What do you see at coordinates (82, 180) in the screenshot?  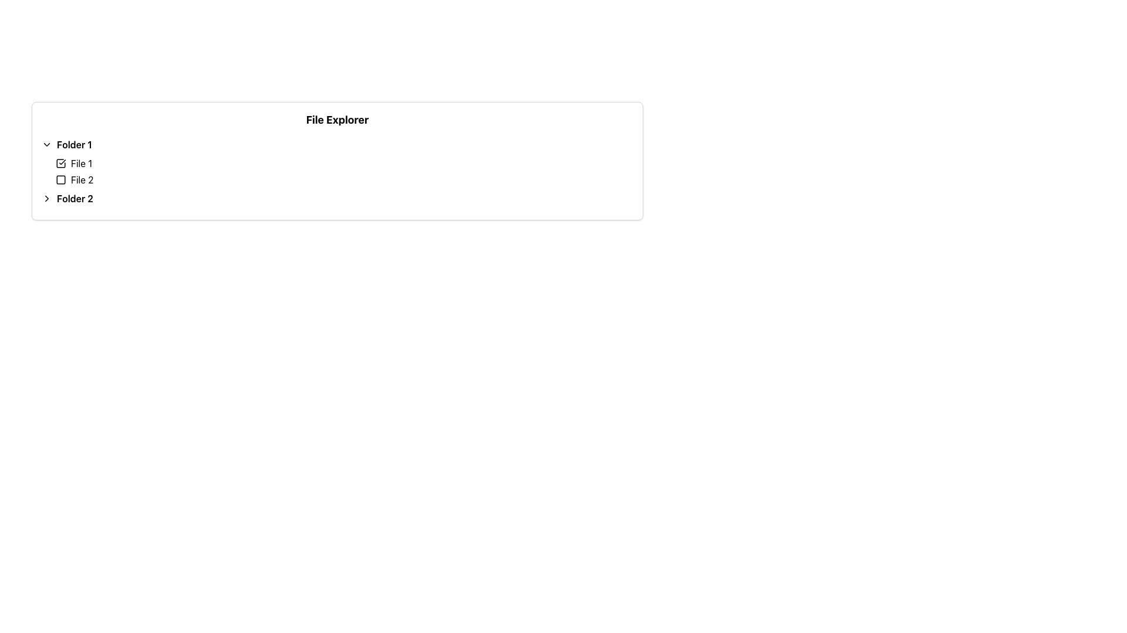 I see `text of the Text Label that identifies the file entry named 'File 2' in the file browser interface, which is located to the right of the associated checkbox` at bounding box center [82, 180].